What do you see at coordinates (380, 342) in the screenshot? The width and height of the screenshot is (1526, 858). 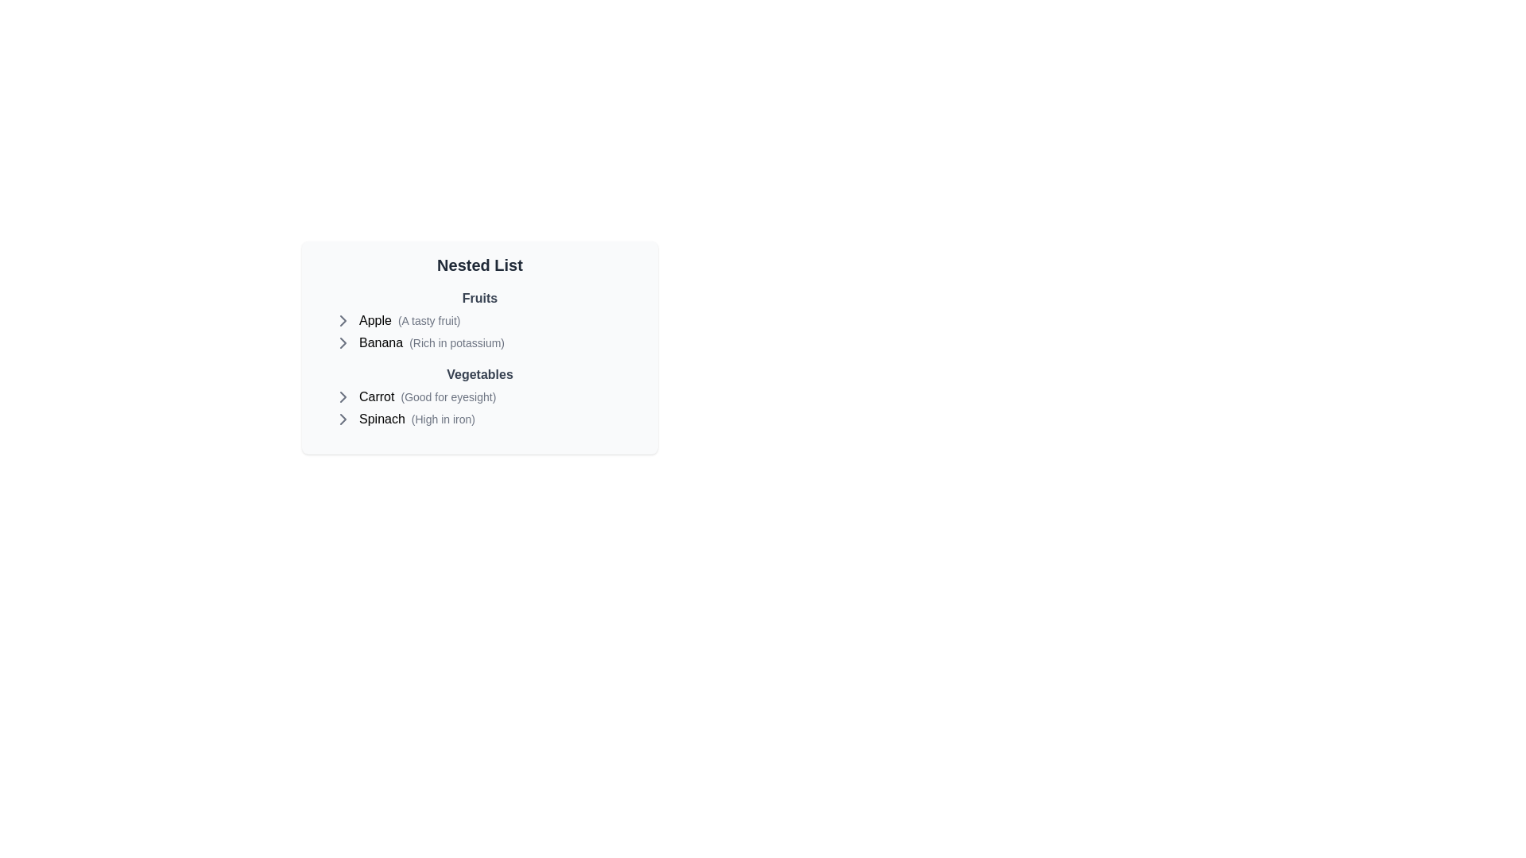 I see `the text of the item Banana` at bounding box center [380, 342].